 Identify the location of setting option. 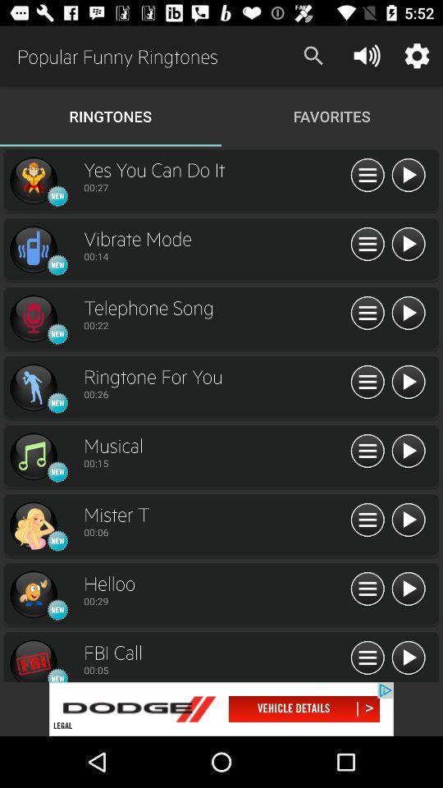
(368, 176).